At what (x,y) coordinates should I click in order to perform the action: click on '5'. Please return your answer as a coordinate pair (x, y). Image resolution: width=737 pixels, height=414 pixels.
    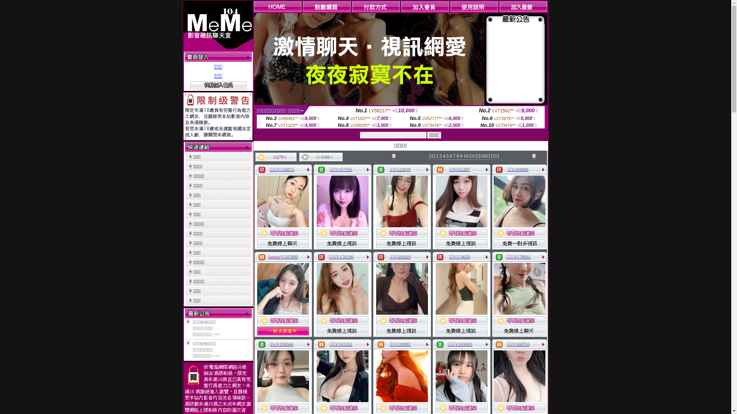
    Looking at the image, I should click on (448, 156).